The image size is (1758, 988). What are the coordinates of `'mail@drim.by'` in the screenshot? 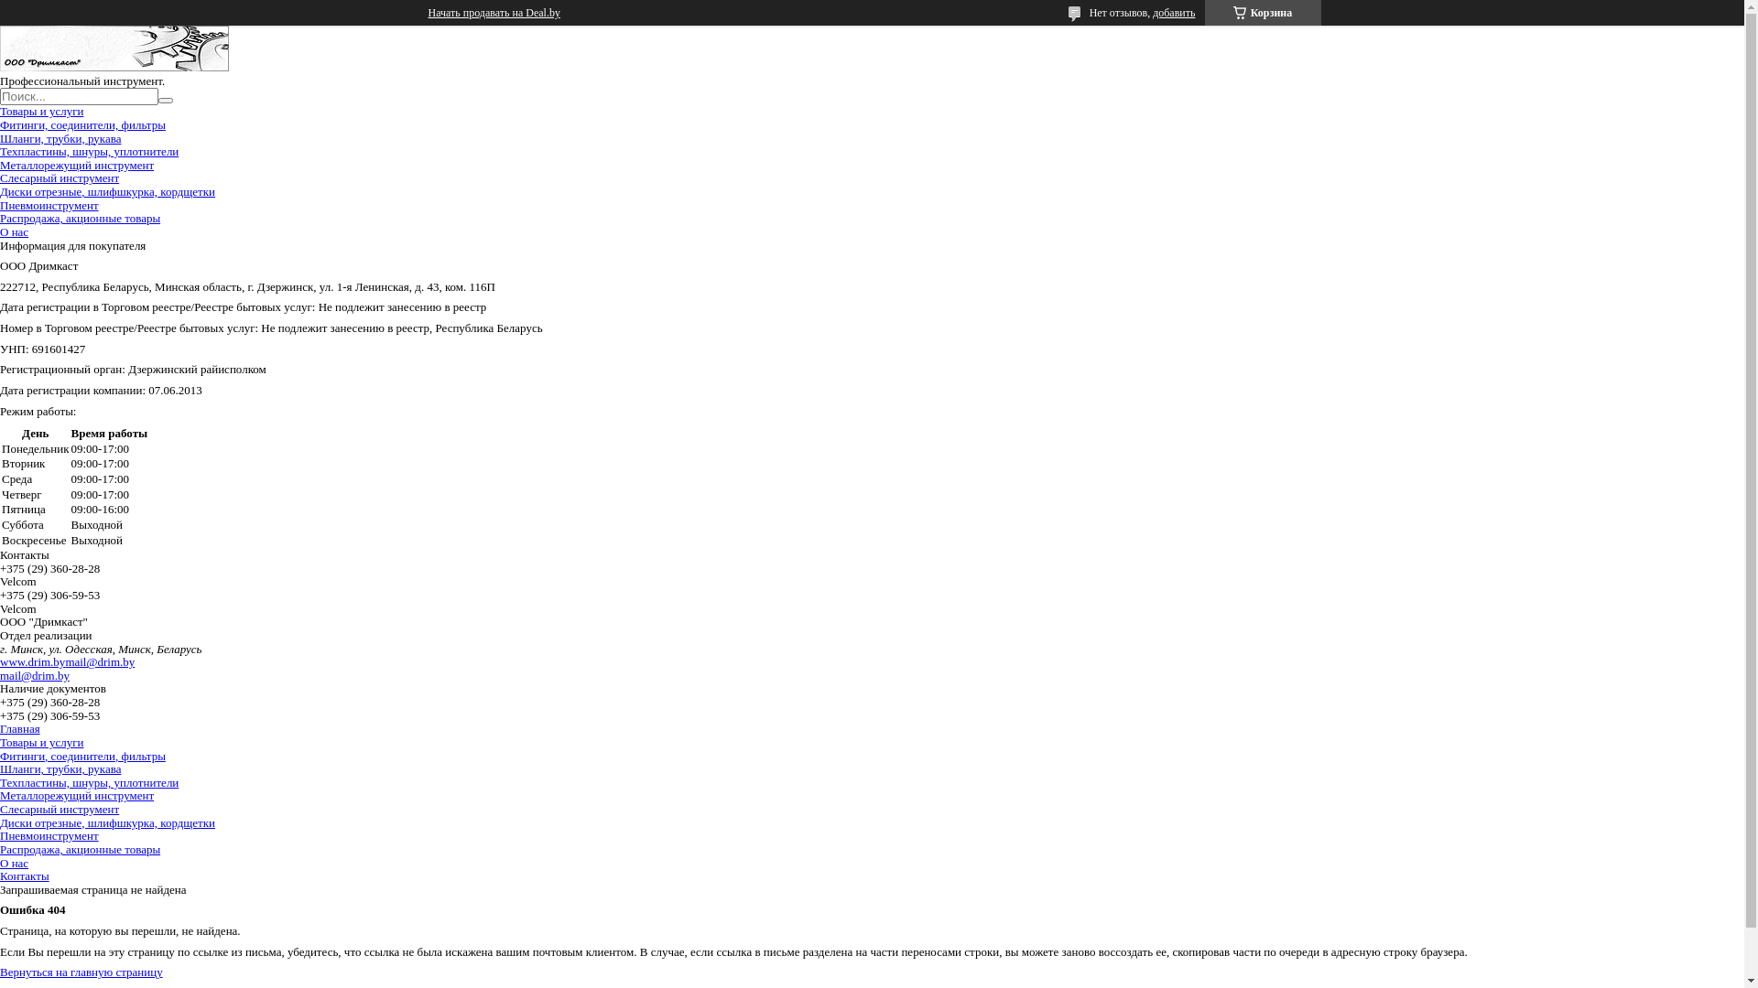 It's located at (65, 661).